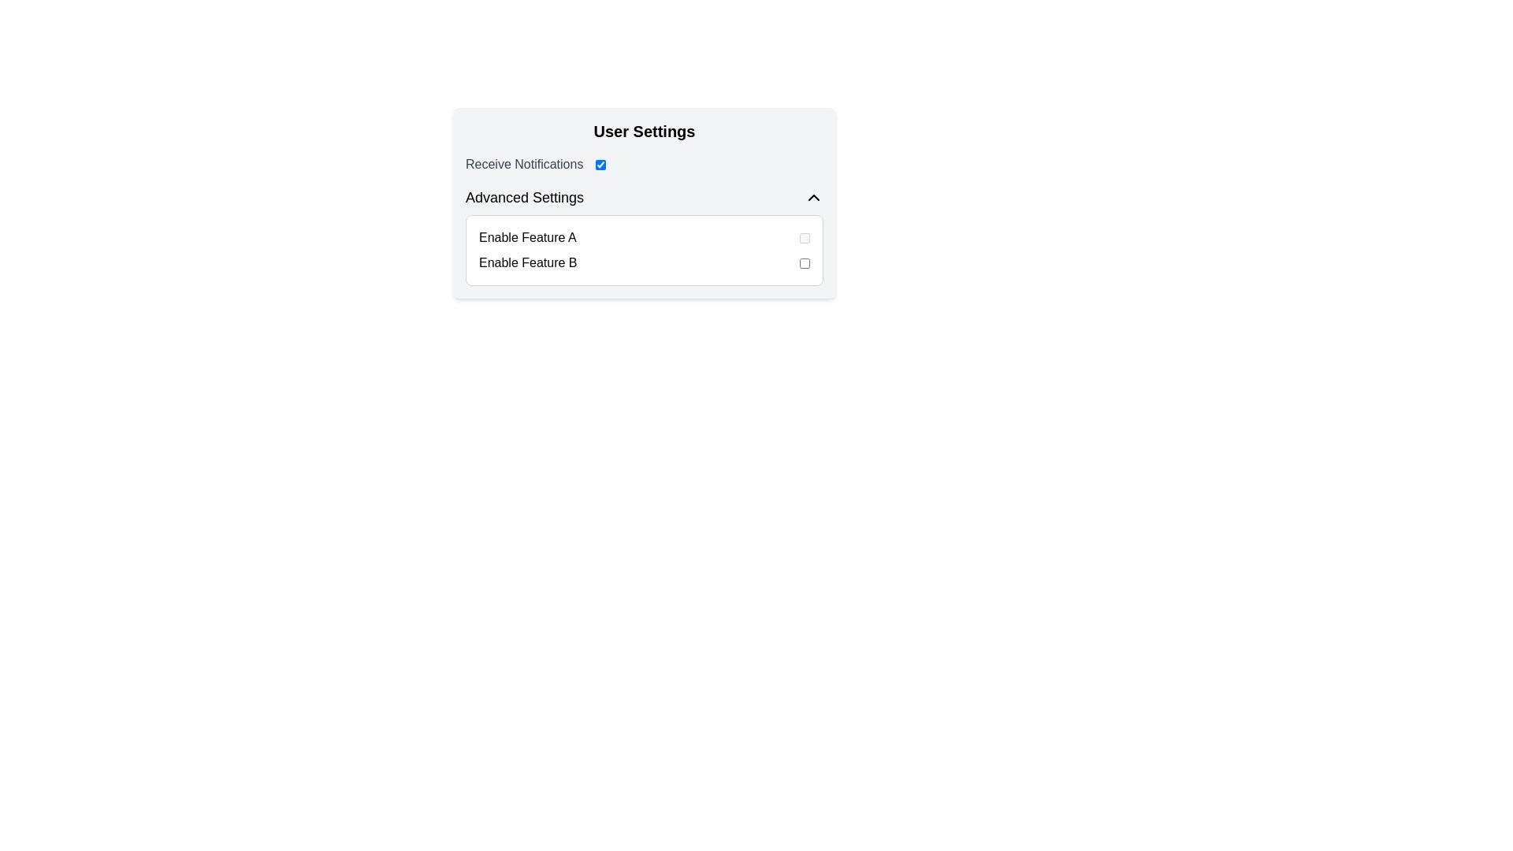 Image resolution: width=1513 pixels, height=851 pixels. What do you see at coordinates (528, 262) in the screenshot?
I see `label that indicates the option to enable or disable 'Feature B' located beneath 'Enable Feature A' in the Advanced Settings section of the User Settings interface` at bounding box center [528, 262].